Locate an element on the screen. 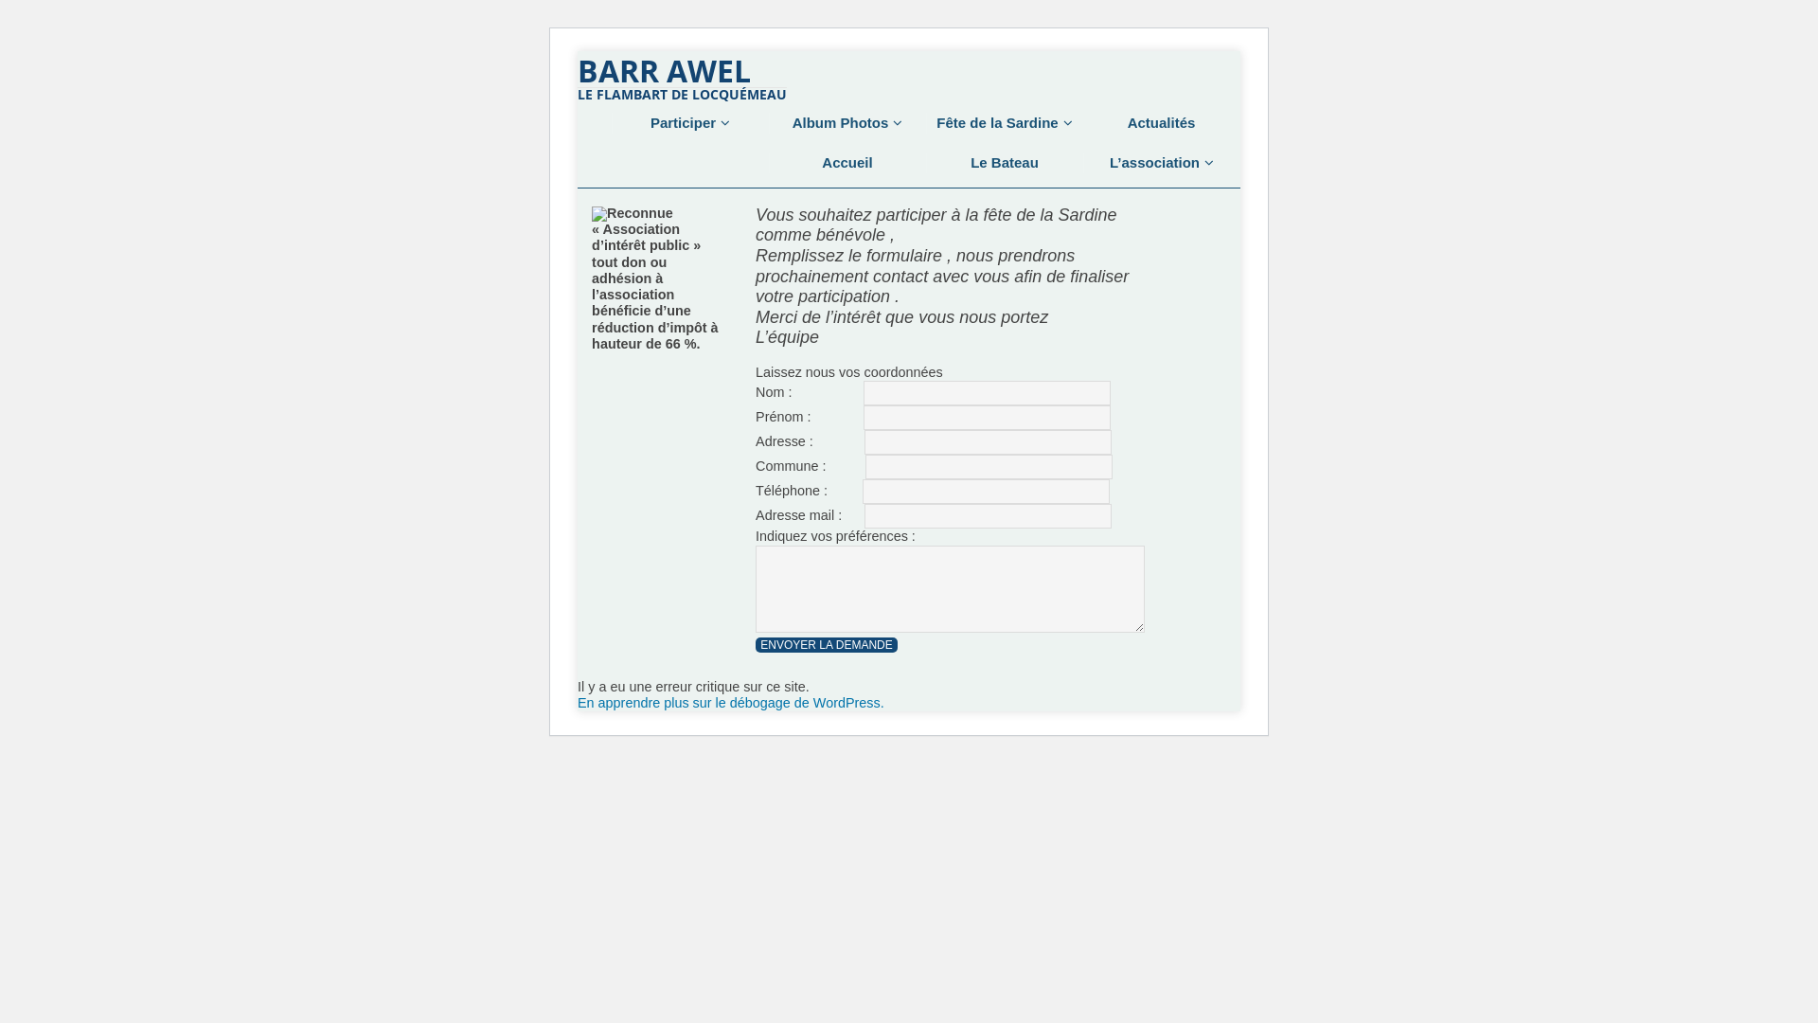  'Accueil' is located at coordinates (846, 162).